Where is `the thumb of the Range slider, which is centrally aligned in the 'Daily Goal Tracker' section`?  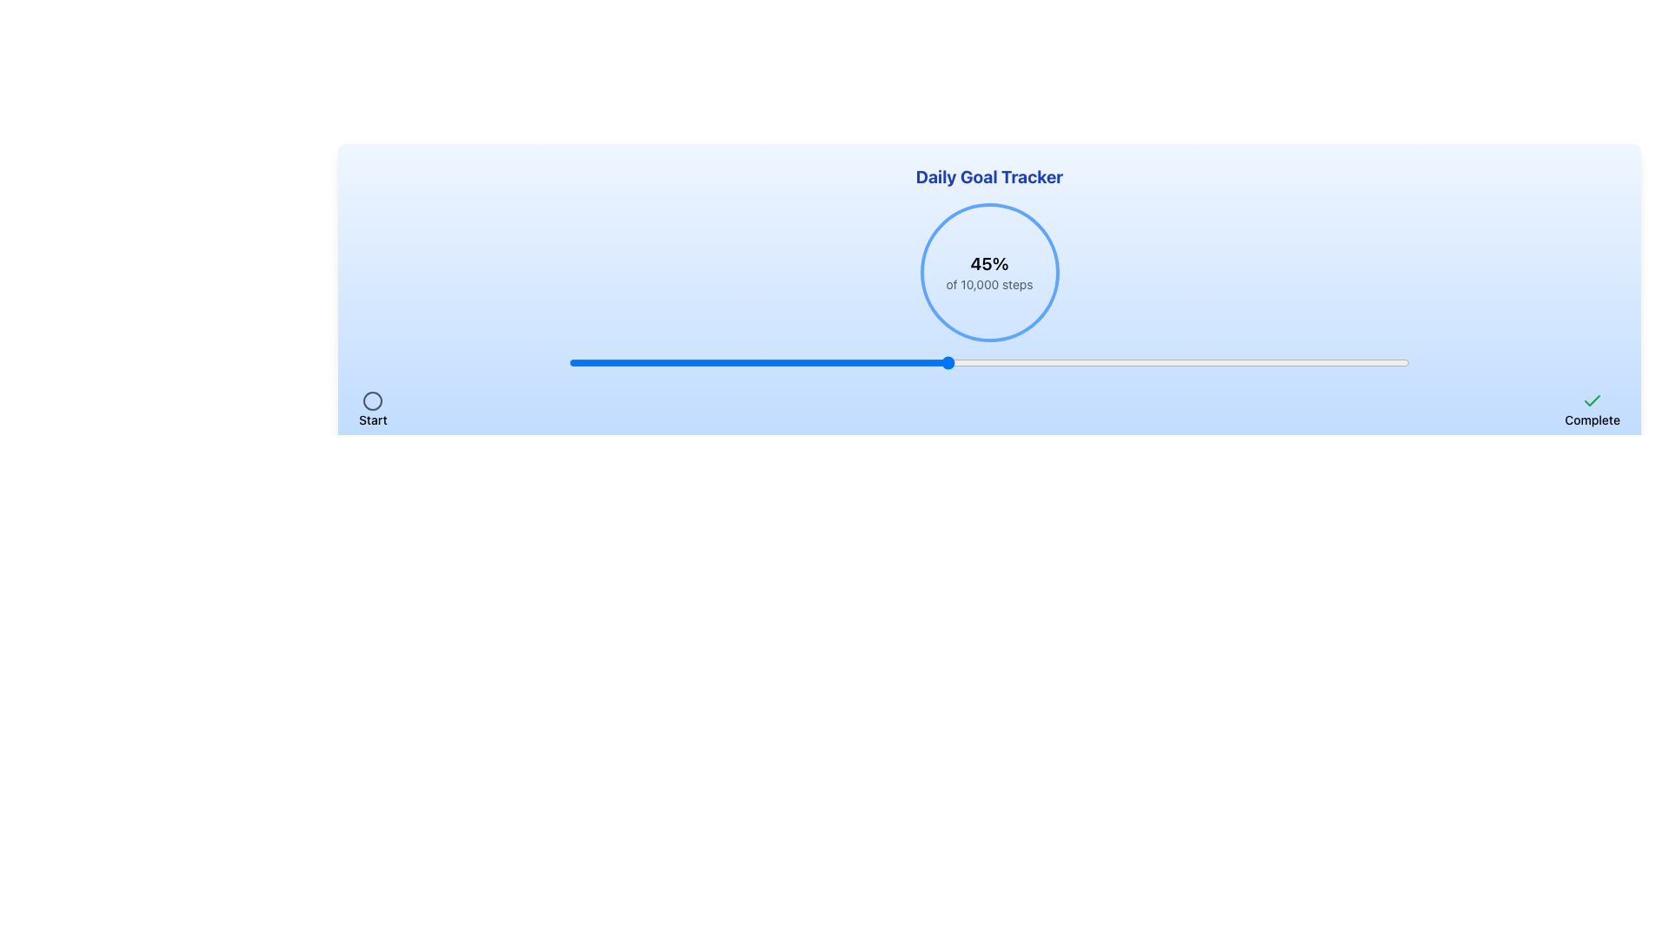
the thumb of the Range slider, which is centrally aligned in the 'Daily Goal Tracker' section is located at coordinates (989, 361).